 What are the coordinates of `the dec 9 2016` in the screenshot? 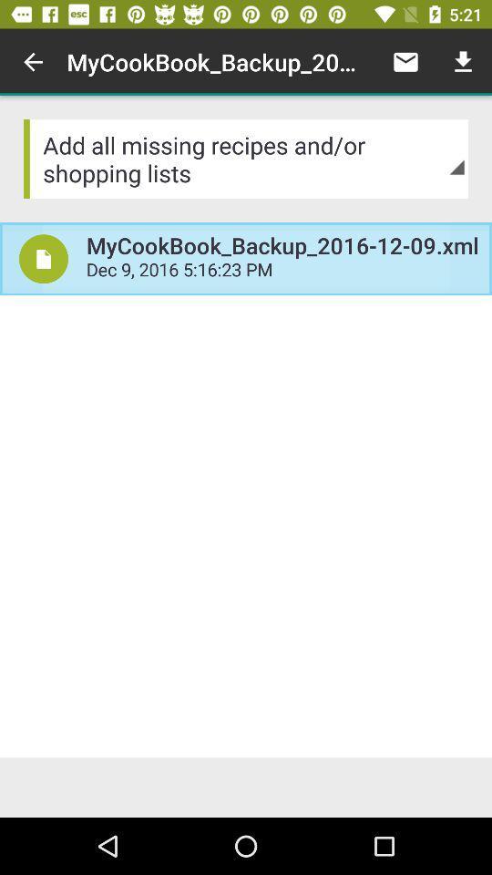 It's located at (282, 271).